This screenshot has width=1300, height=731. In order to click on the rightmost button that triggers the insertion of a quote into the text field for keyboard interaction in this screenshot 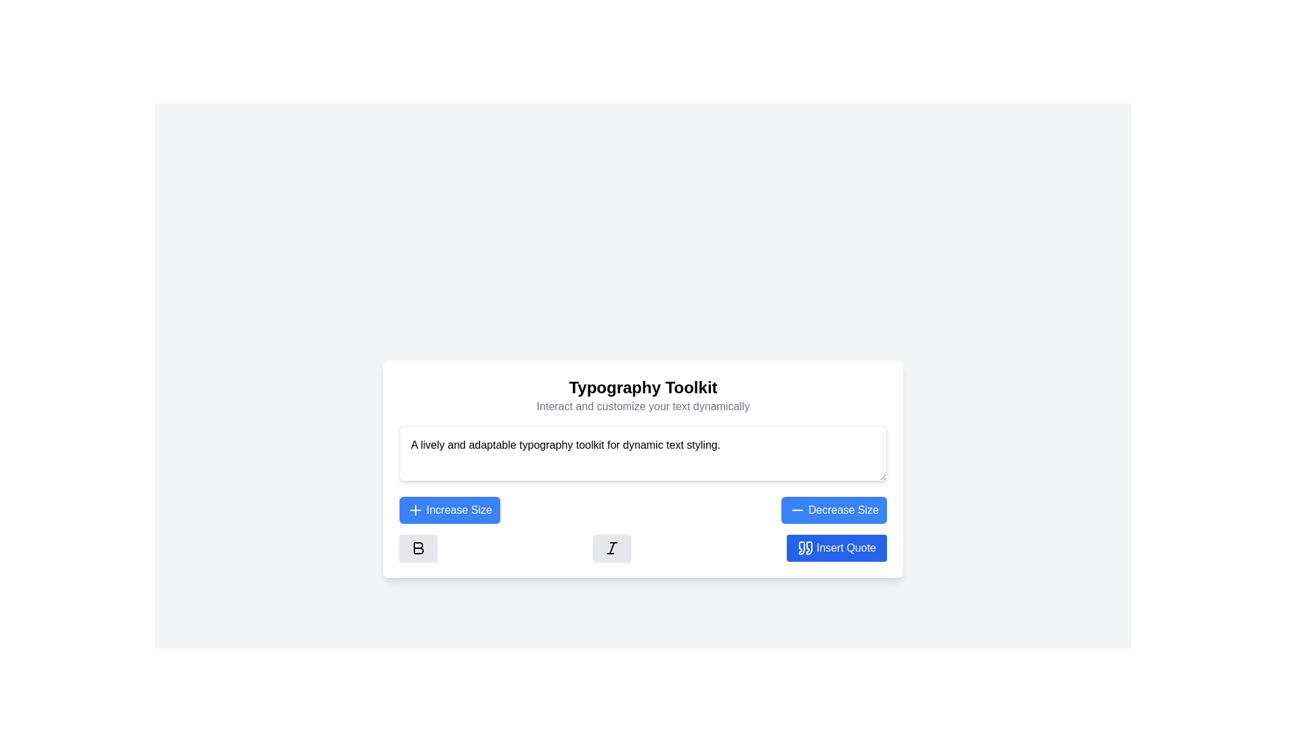, I will do `click(836, 547)`.